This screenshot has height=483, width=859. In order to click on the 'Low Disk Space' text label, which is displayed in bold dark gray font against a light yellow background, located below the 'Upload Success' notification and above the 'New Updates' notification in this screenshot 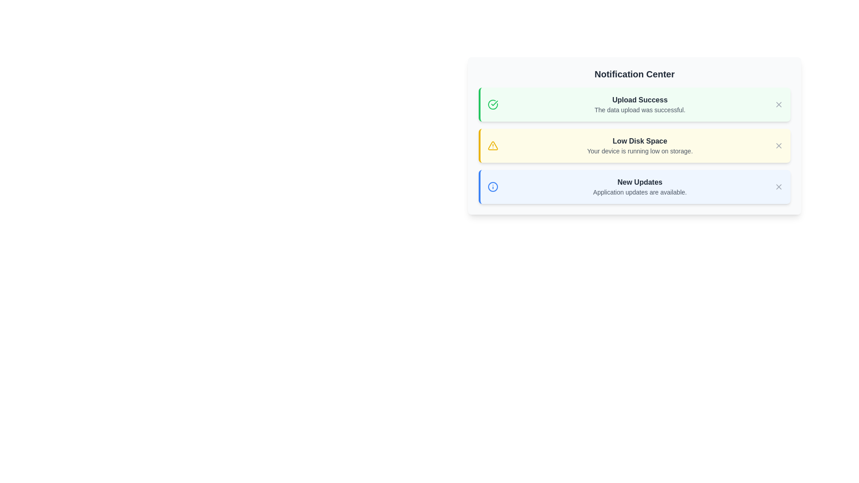, I will do `click(639, 141)`.